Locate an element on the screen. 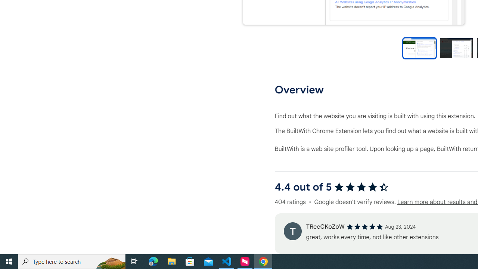 The height and width of the screenshot is (269, 478). 'Review' is located at coordinates (292, 231).